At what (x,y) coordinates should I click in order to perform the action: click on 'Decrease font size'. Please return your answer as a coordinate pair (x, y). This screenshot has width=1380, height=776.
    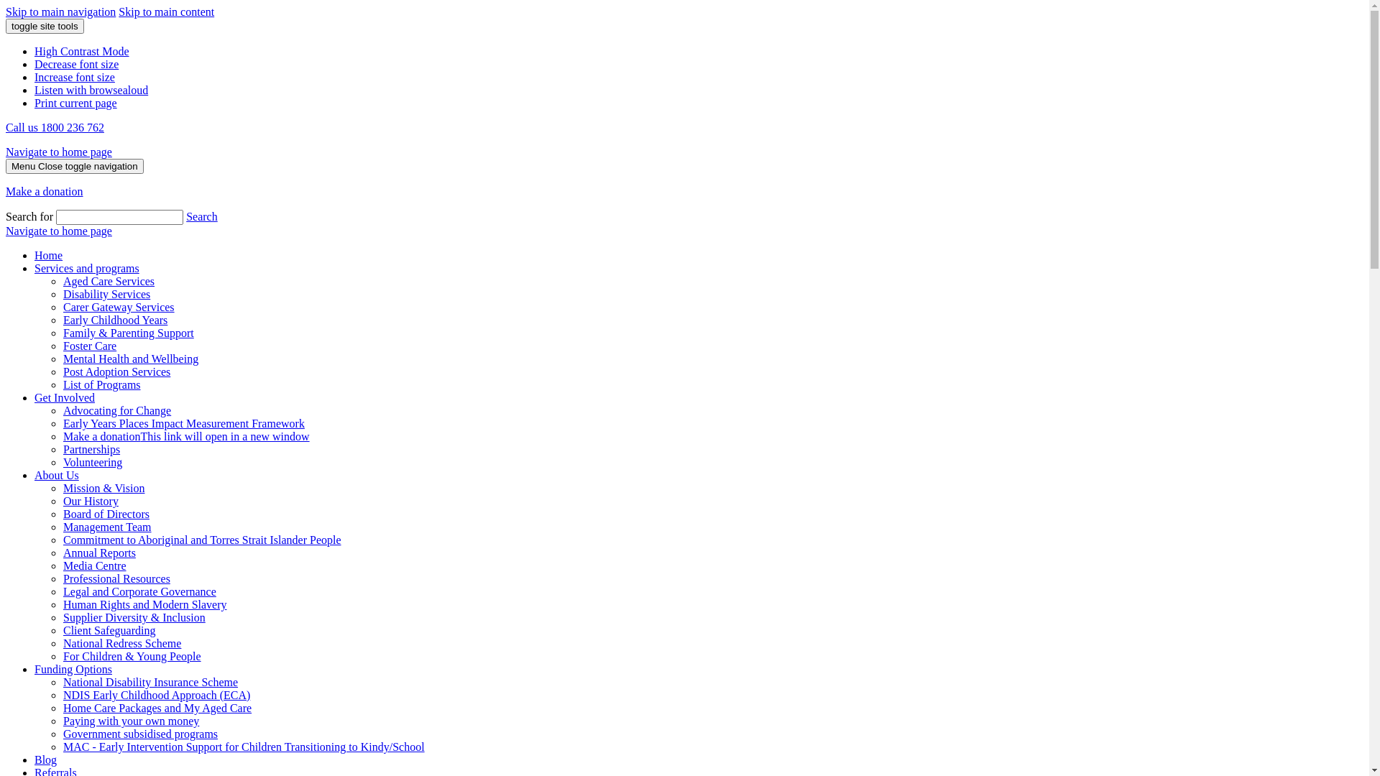
    Looking at the image, I should click on (75, 63).